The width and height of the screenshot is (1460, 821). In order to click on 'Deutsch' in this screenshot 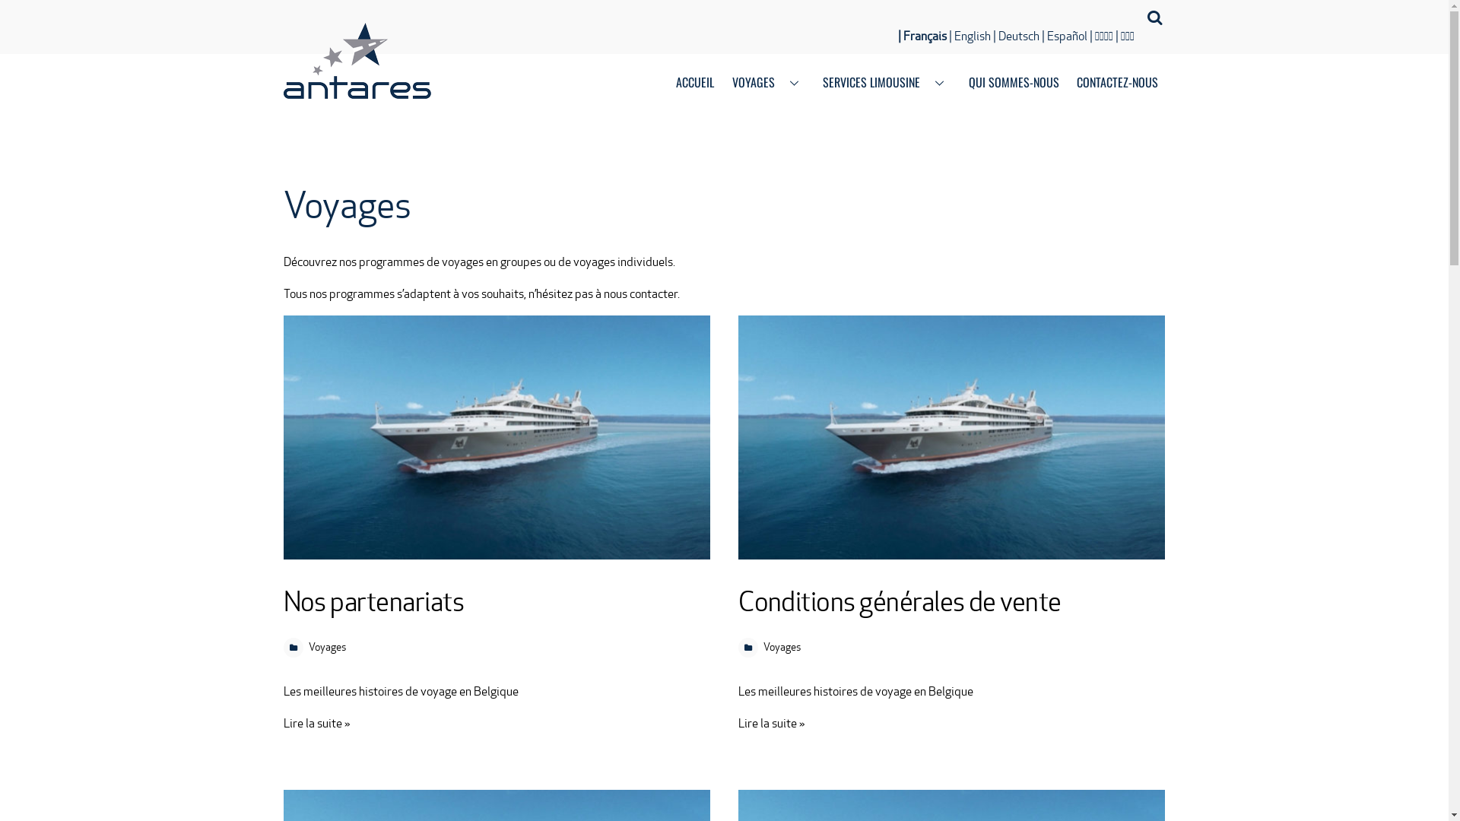, I will do `click(1016, 35)`.